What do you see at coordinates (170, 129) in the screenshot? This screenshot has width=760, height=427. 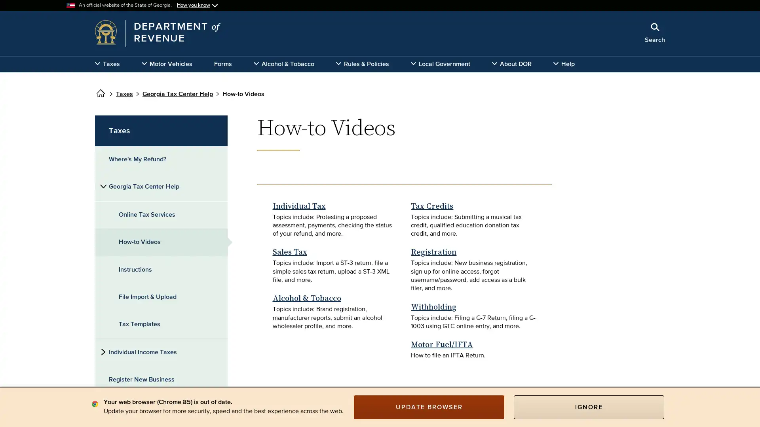 I see `x` at bounding box center [170, 129].